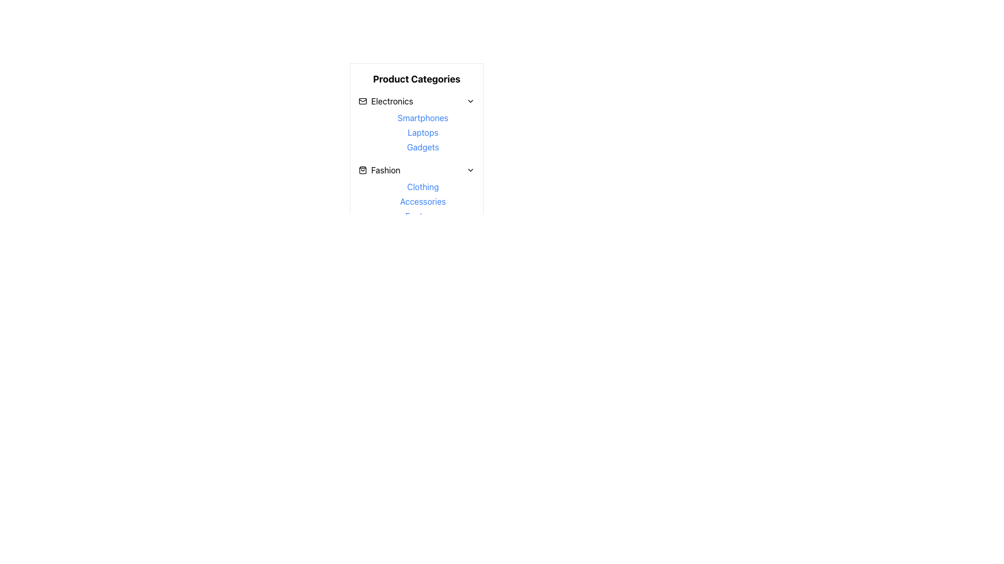 The image size is (1004, 564). What do you see at coordinates (385, 101) in the screenshot?
I see `the 'Electronics' category title text label` at bounding box center [385, 101].